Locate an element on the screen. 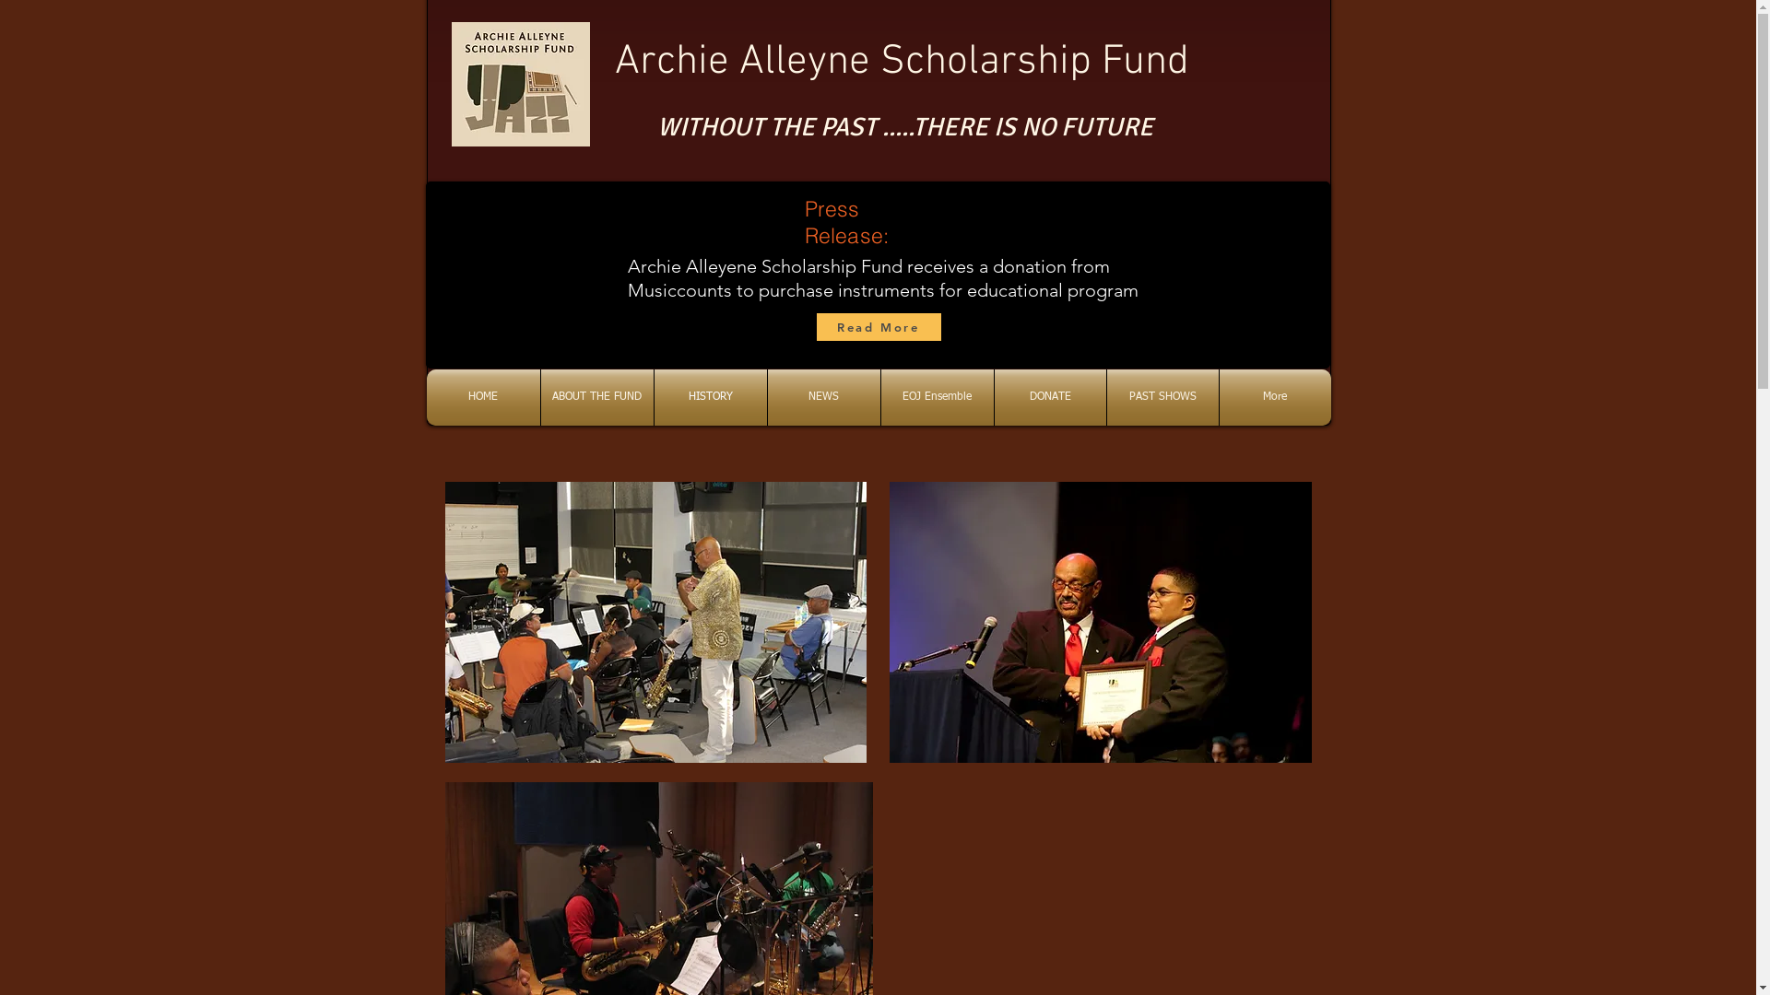 Image resolution: width=1770 pixels, height=995 pixels. 'DONATE' is located at coordinates (993, 396).